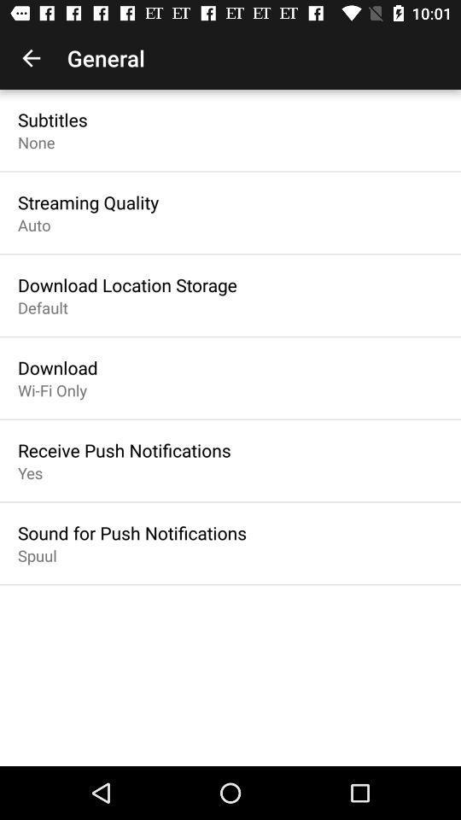 This screenshot has width=461, height=820. I want to click on the download location storage, so click(126, 284).